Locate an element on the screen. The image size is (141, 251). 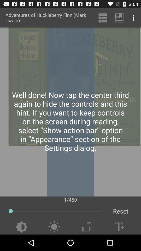
increase text size is located at coordinates (119, 227).